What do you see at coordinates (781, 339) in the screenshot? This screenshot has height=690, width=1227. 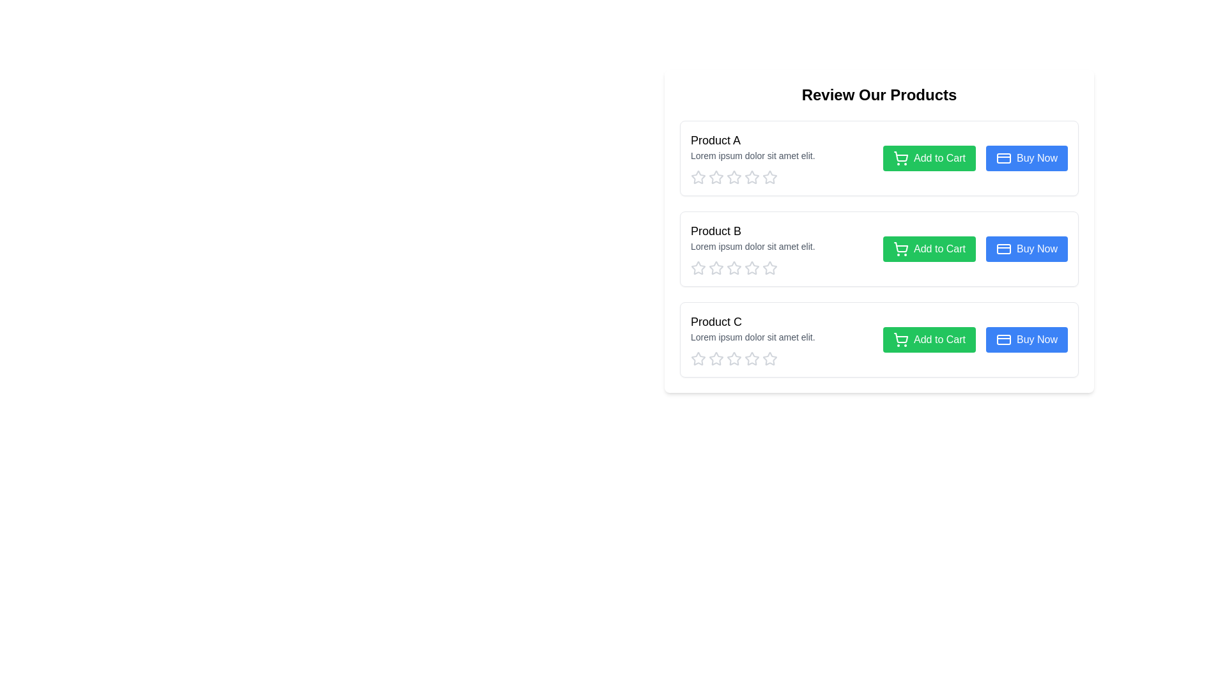 I see `the text segment providing the title and description for 'Product C'` at bounding box center [781, 339].